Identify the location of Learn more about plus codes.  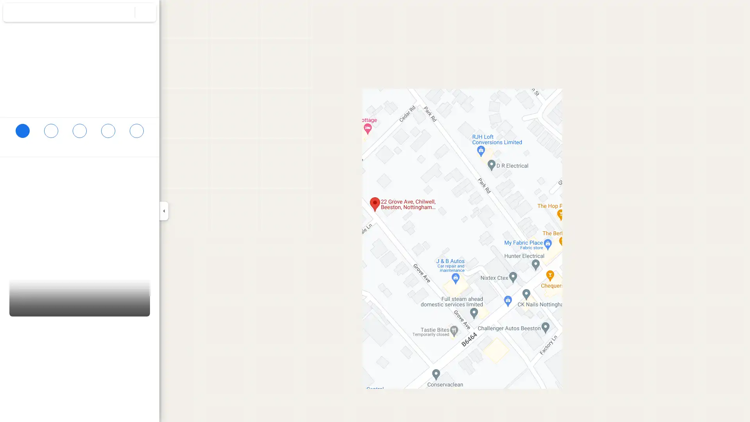
(150, 193).